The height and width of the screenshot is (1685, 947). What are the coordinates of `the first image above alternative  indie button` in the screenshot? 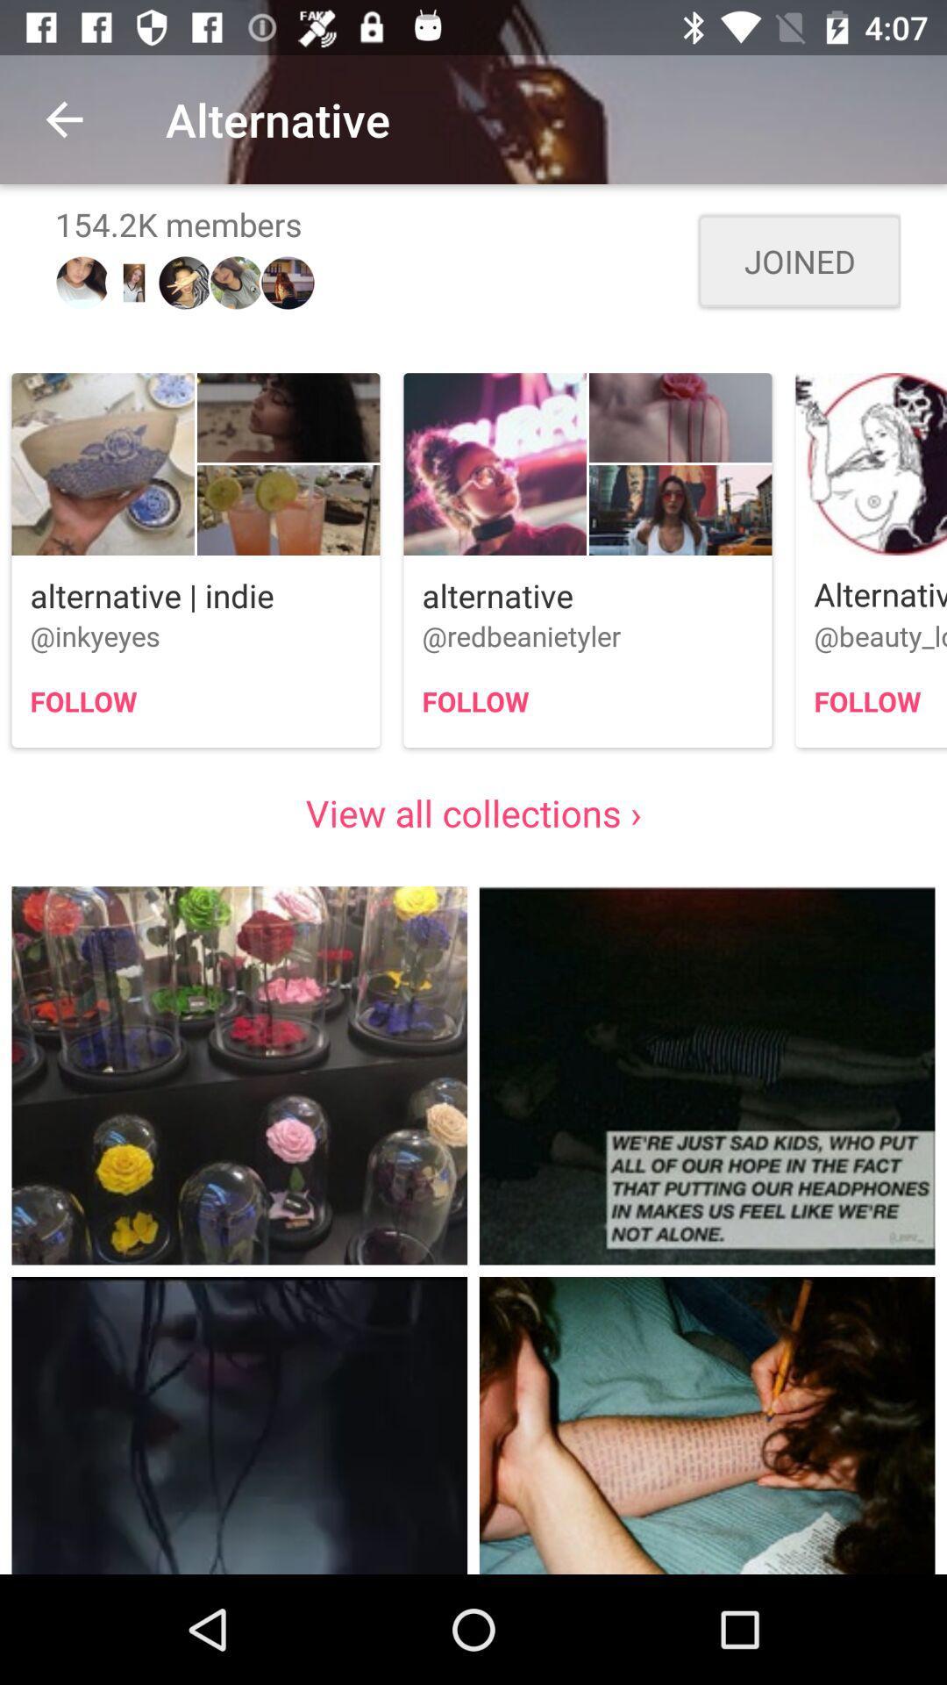 It's located at (83, 283).